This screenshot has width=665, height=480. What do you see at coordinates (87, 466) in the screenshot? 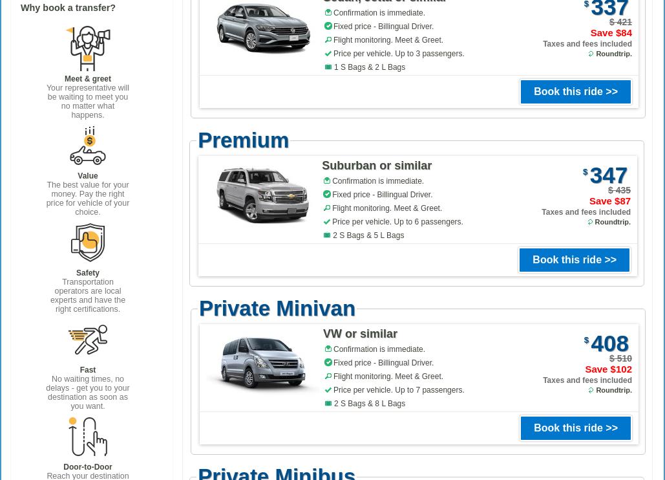
I see `'Door-to-Door'` at bounding box center [87, 466].